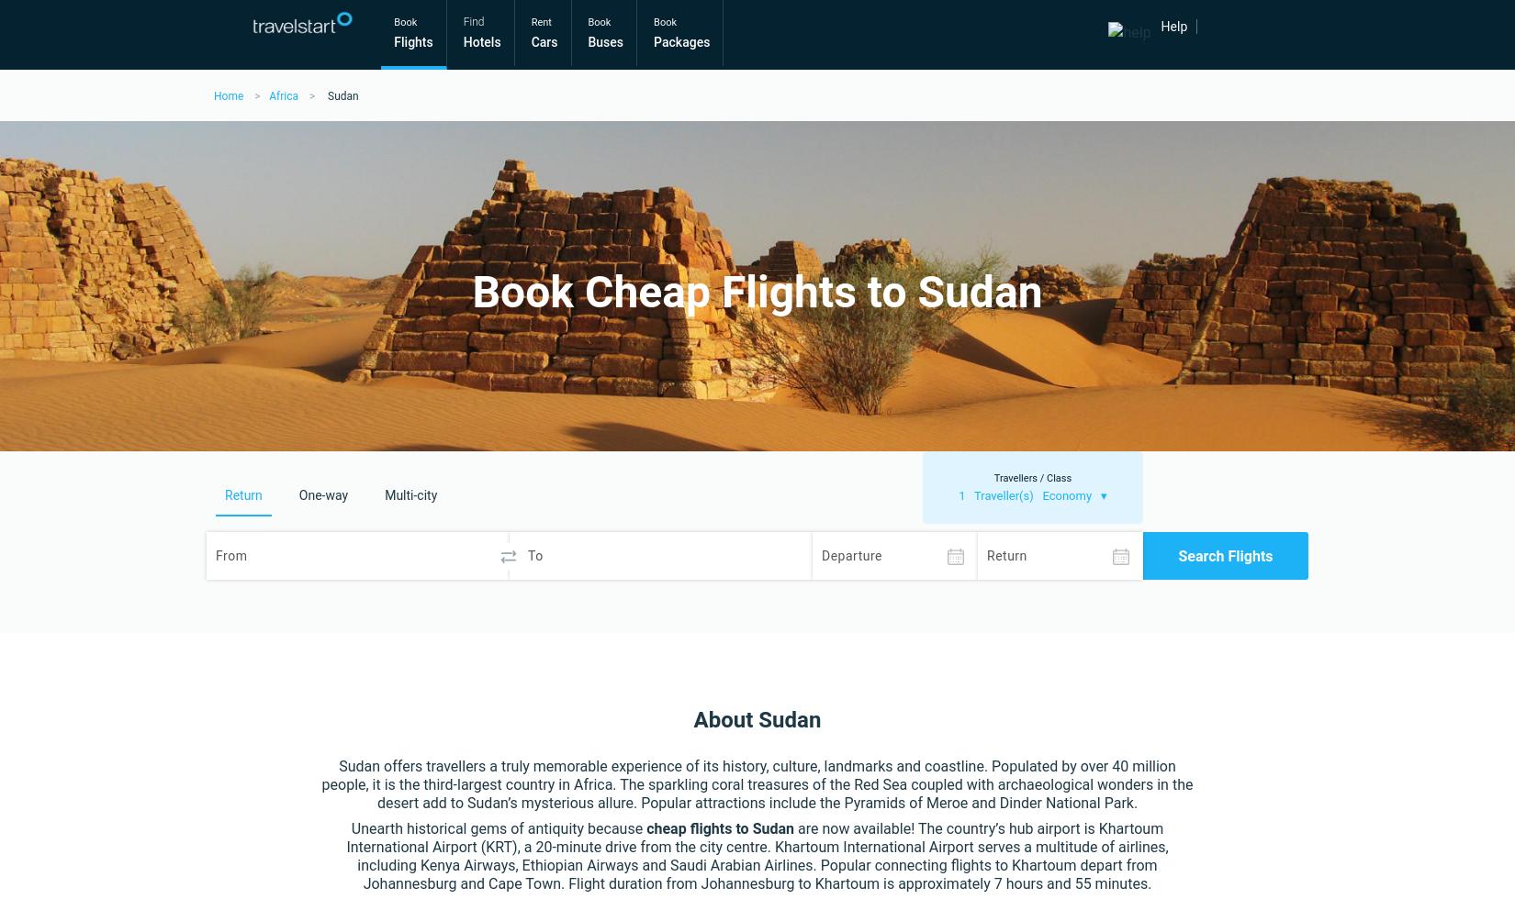 The width and height of the screenshot is (1515, 899). What do you see at coordinates (1032, 478) in the screenshot?
I see `'Travellers / Class'` at bounding box center [1032, 478].